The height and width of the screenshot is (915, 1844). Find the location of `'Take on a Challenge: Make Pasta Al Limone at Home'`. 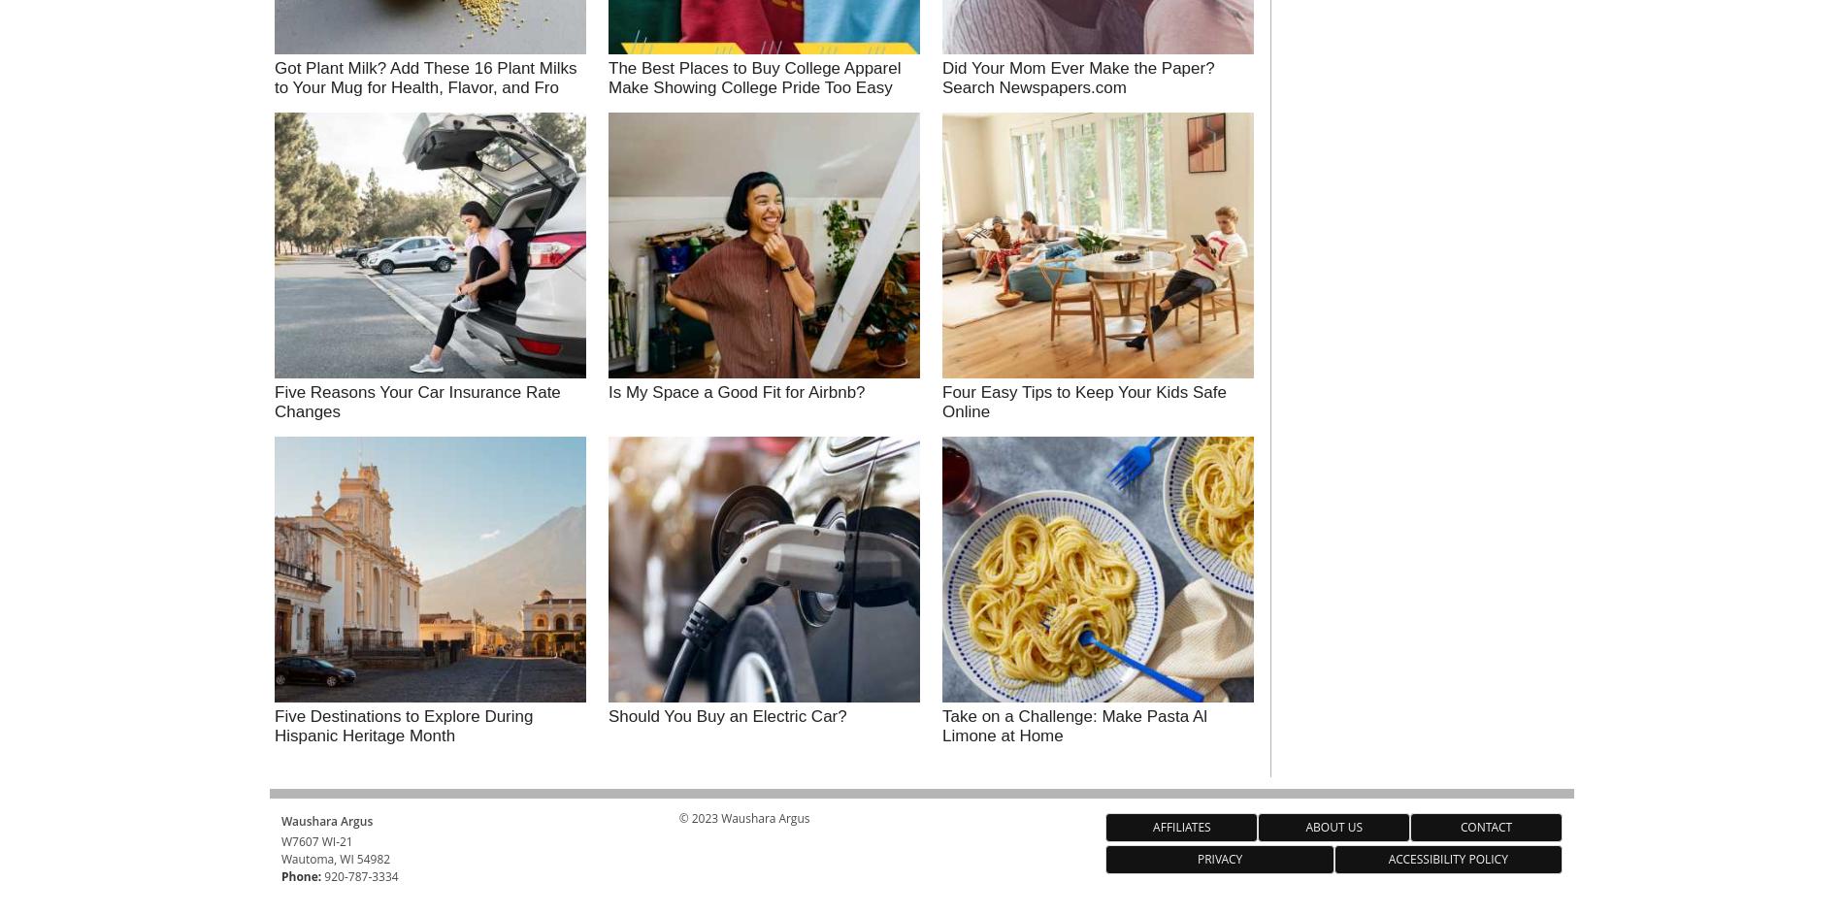

'Take on a Challenge: Make Pasta Al Limone at Home' is located at coordinates (1074, 725).